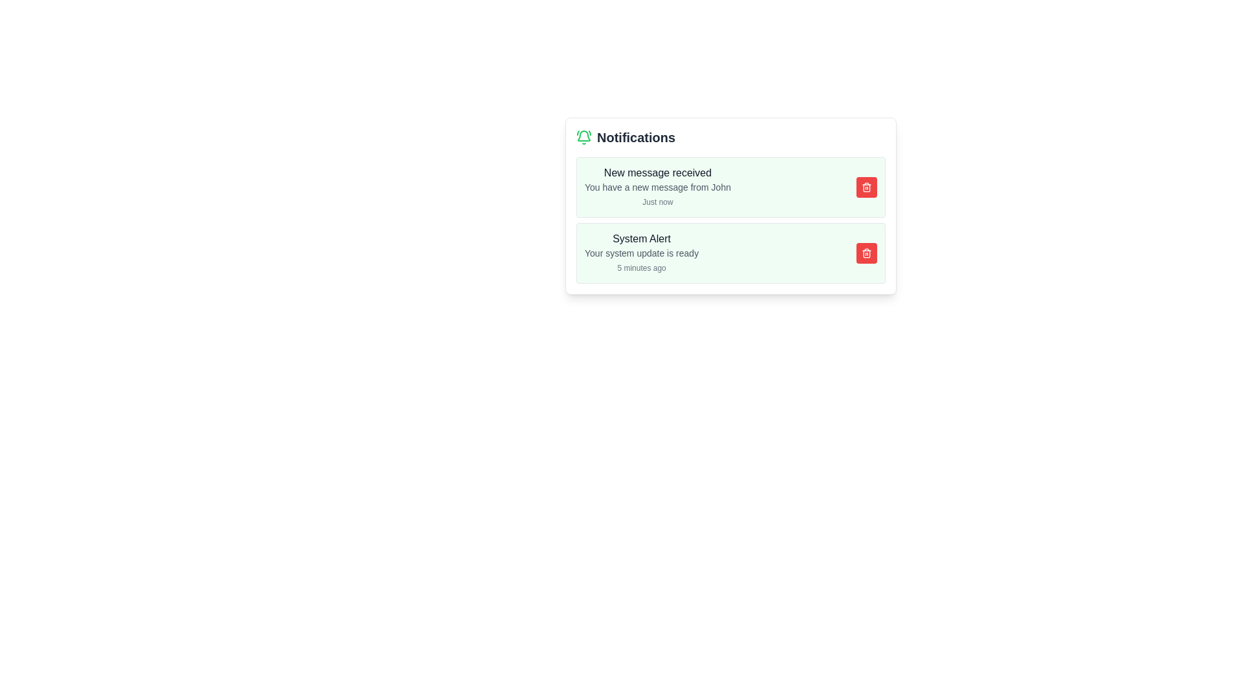 This screenshot has width=1242, height=698. I want to click on the title text label of the notification card indicating a new message from John, located at the top of the card under the 'Notifications' section, so click(658, 172).